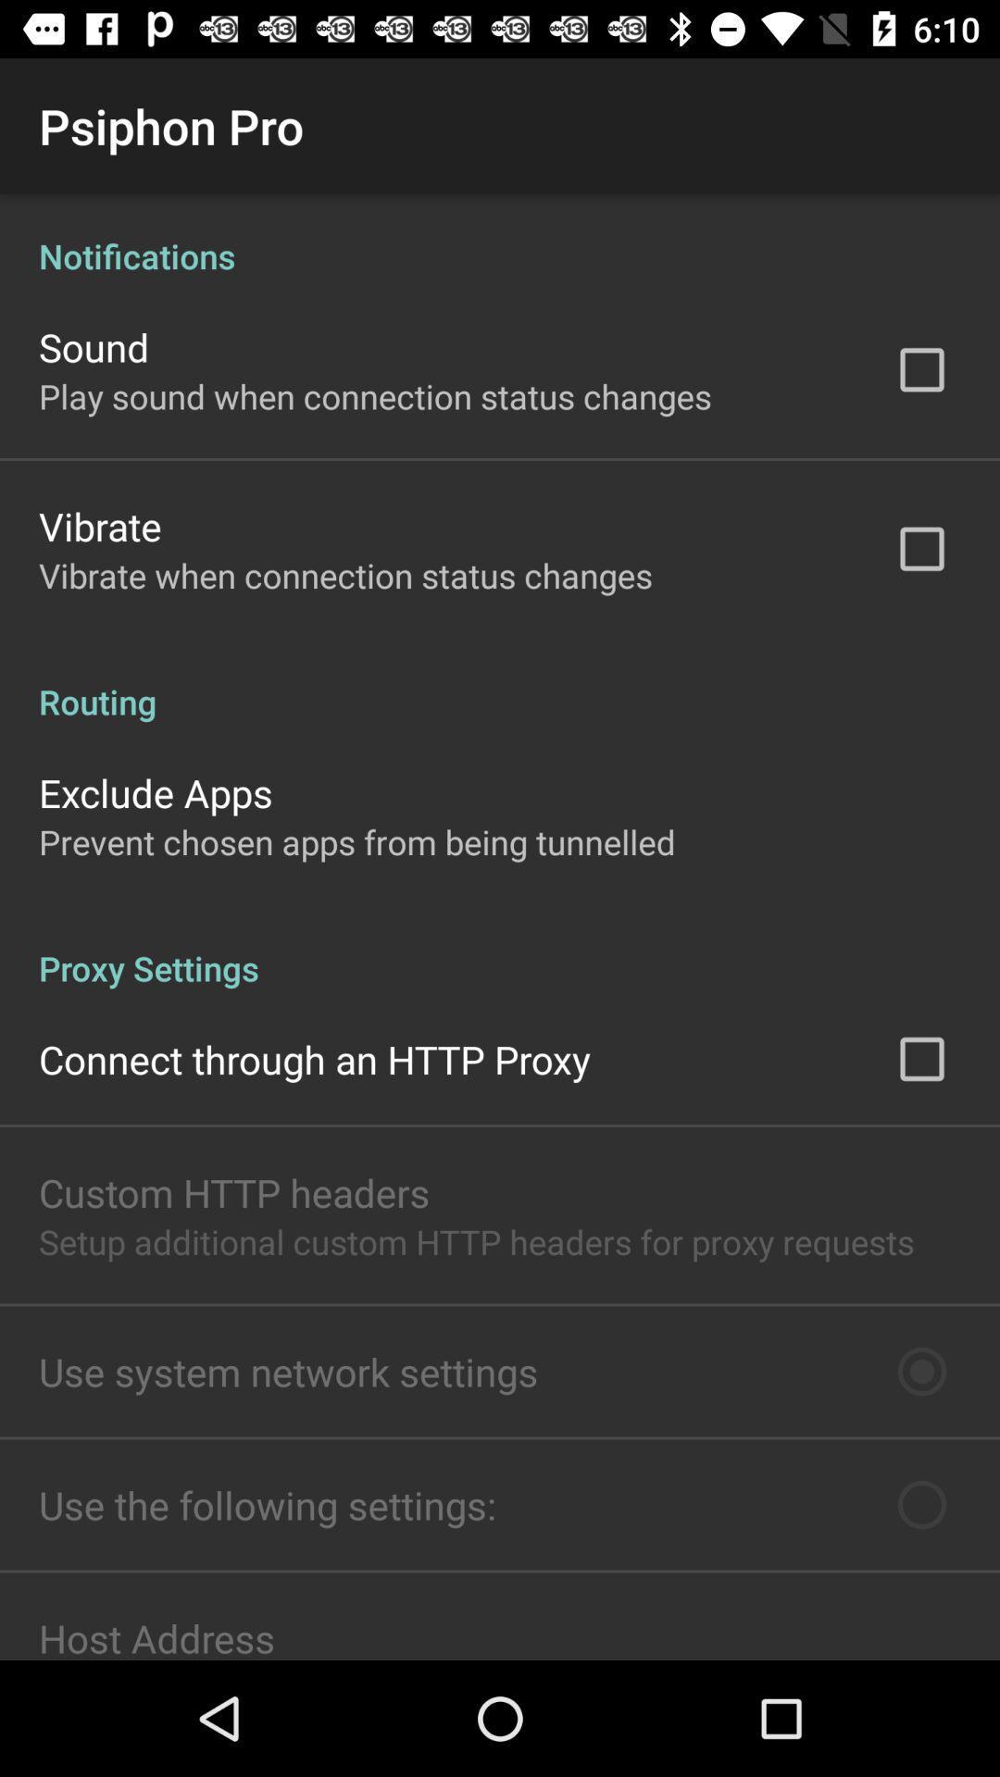 Image resolution: width=1000 pixels, height=1777 pixels. I want to click on item above the vibrate item, so click(375, 395).